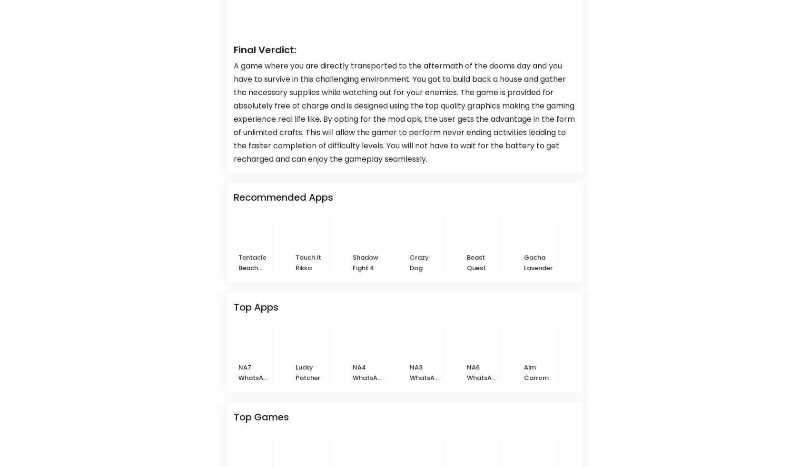 Image resolution: width=810 pixels, height=467 pixels. Describe the element at coordinates (238, 267) in the screenshot. I see `'Tentacle Beach Party'` at that location.